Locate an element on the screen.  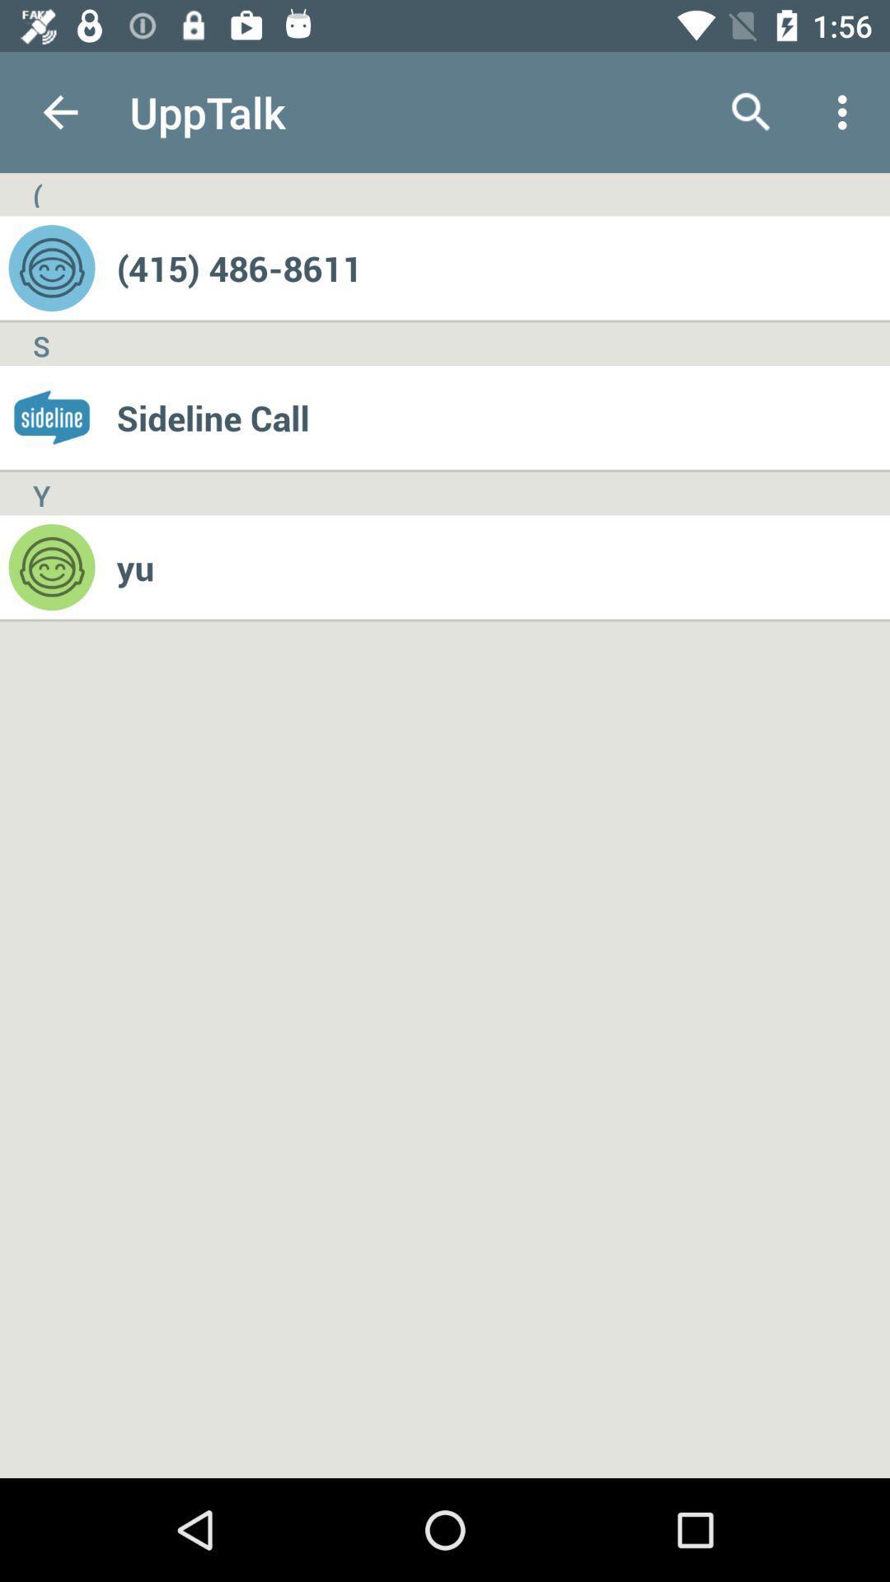
the y is located at coordinates (40, 493).